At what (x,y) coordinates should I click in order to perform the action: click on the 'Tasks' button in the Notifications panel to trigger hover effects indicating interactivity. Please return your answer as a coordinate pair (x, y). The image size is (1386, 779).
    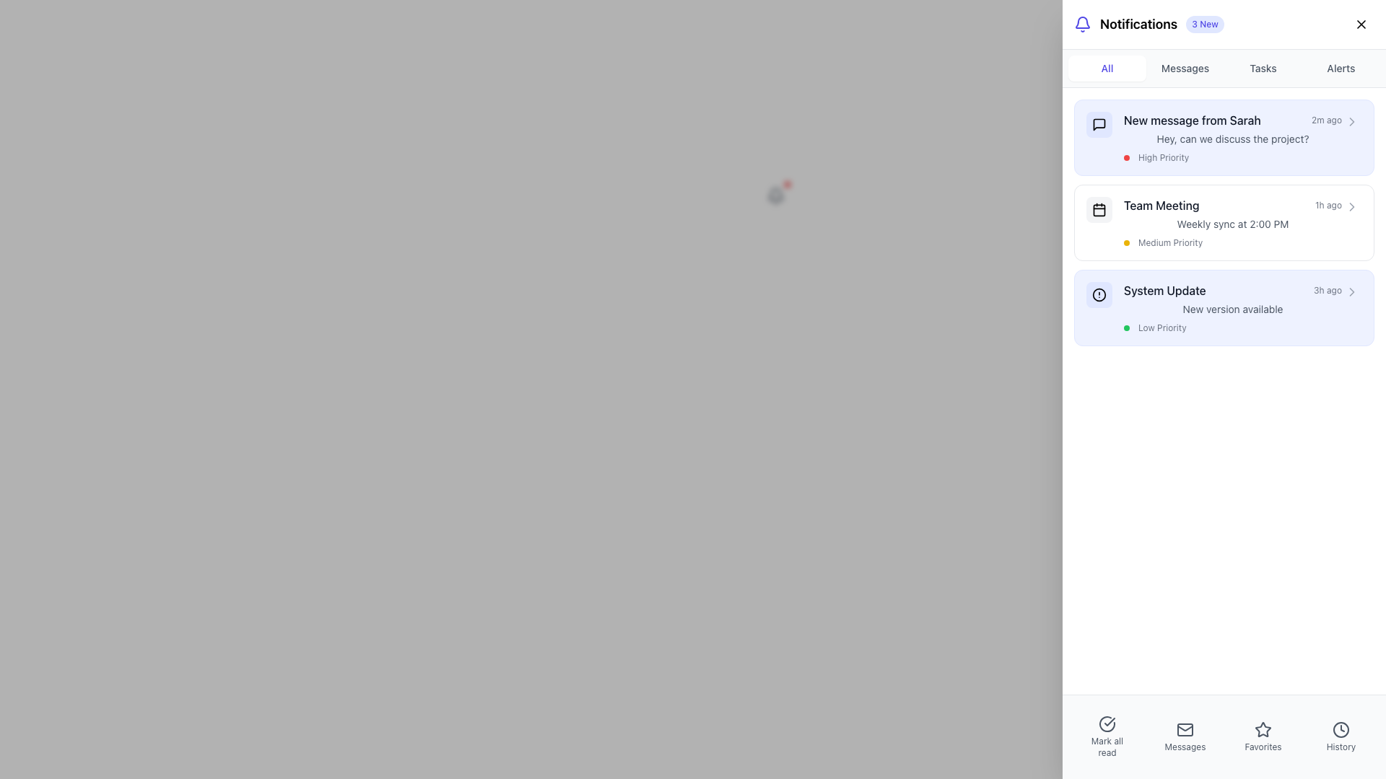
    Looking at the image, I should click on (1263, 69).